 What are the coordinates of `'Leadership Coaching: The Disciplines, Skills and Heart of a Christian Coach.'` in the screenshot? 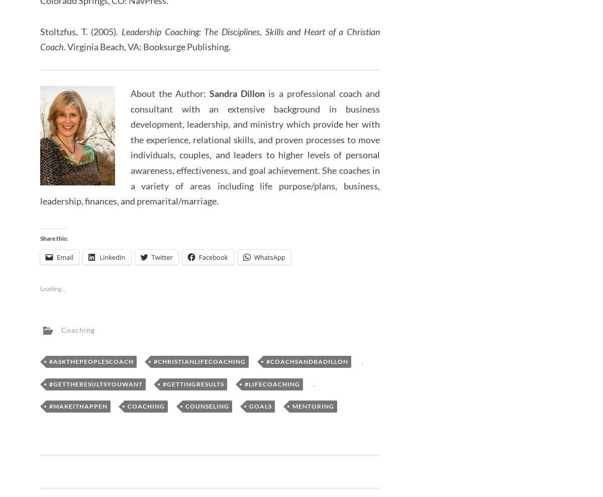 It's located at (210, 39).